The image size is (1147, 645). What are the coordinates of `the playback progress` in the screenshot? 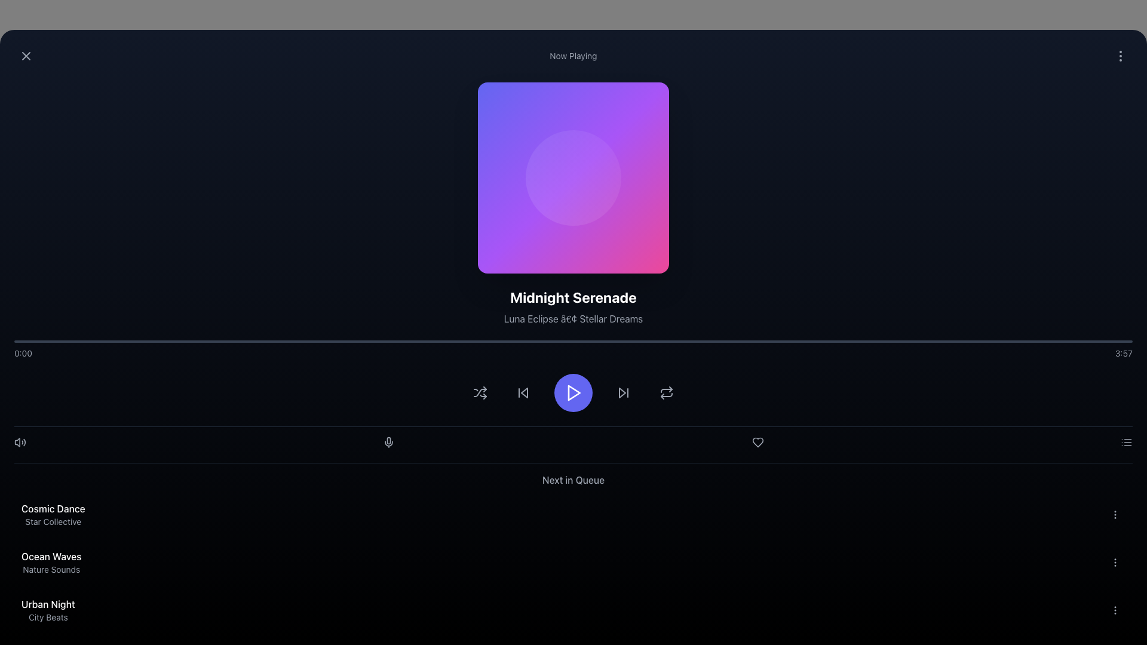 It's located at (282, 341).